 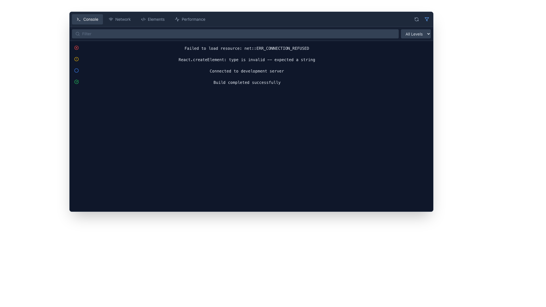 I want to click on the 'Console' button located in the first position of the horizontal navigation bar, which has a dark slate-gray background and white text, so click(x=87, y=19).